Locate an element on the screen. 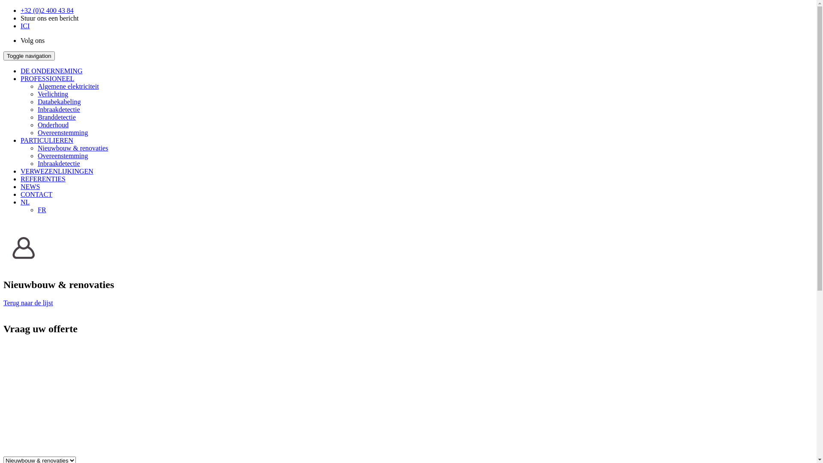 Image resolution: width=823 pixels, height=463 pixels. 'FR' is located at coordinates (41, 210).